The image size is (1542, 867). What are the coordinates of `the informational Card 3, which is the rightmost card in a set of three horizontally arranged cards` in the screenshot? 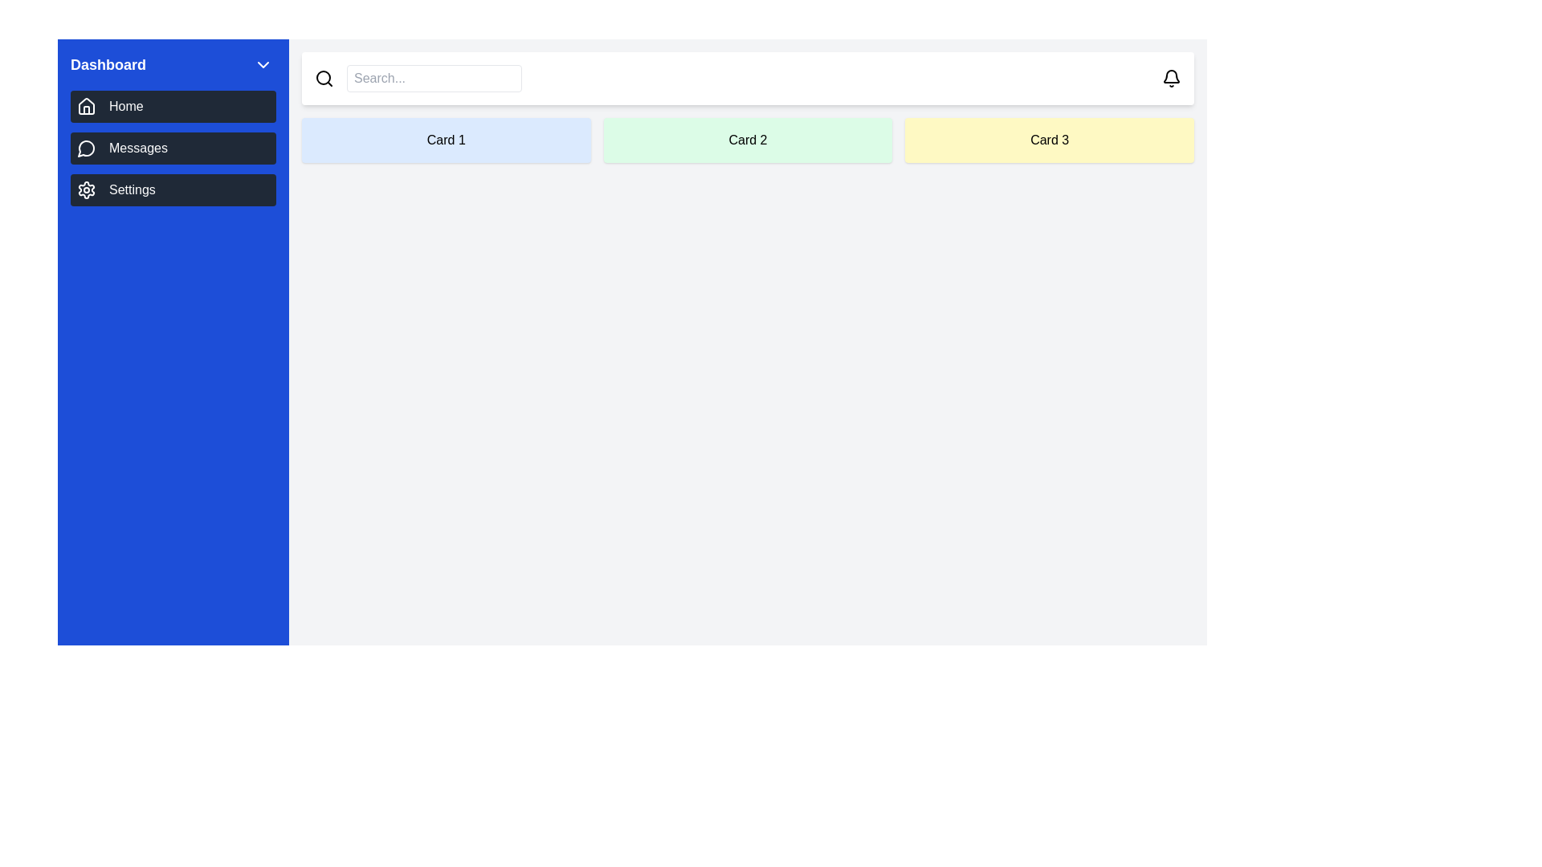 It's located at (1050, 139).